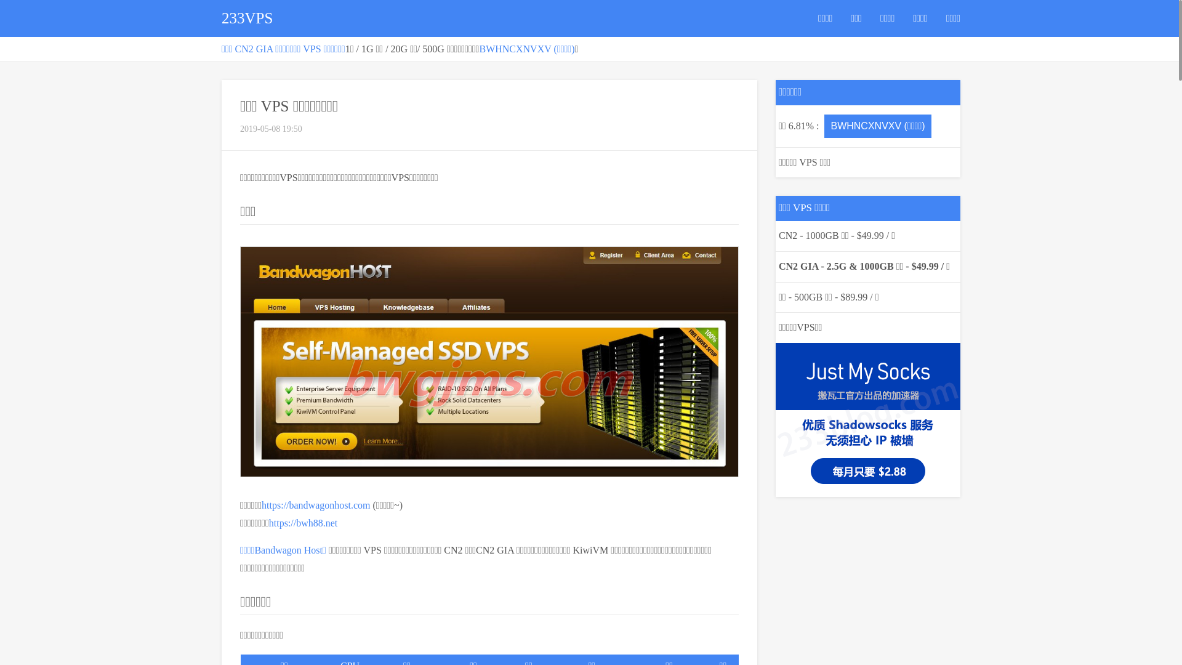 This screenshot has width=1182, height=665. Describe the element at coordinates (316, 505) in the screenshot. I see `'https://bandwagonhost.com'` at that location.